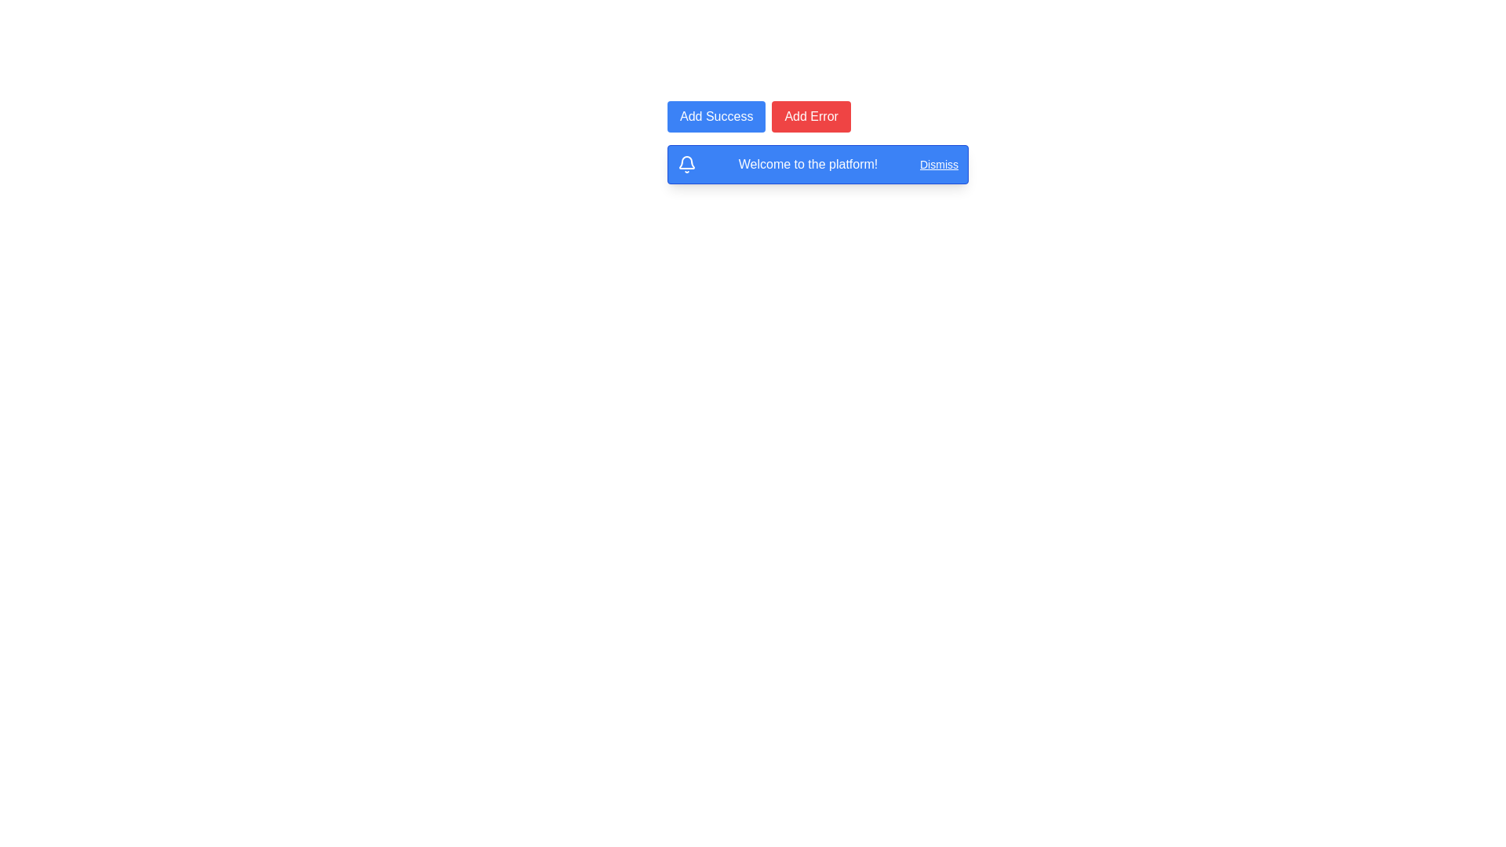  I want to click on the hyperlink styled as a button located in the top-right corner of the notification banner, so click(939, 164).